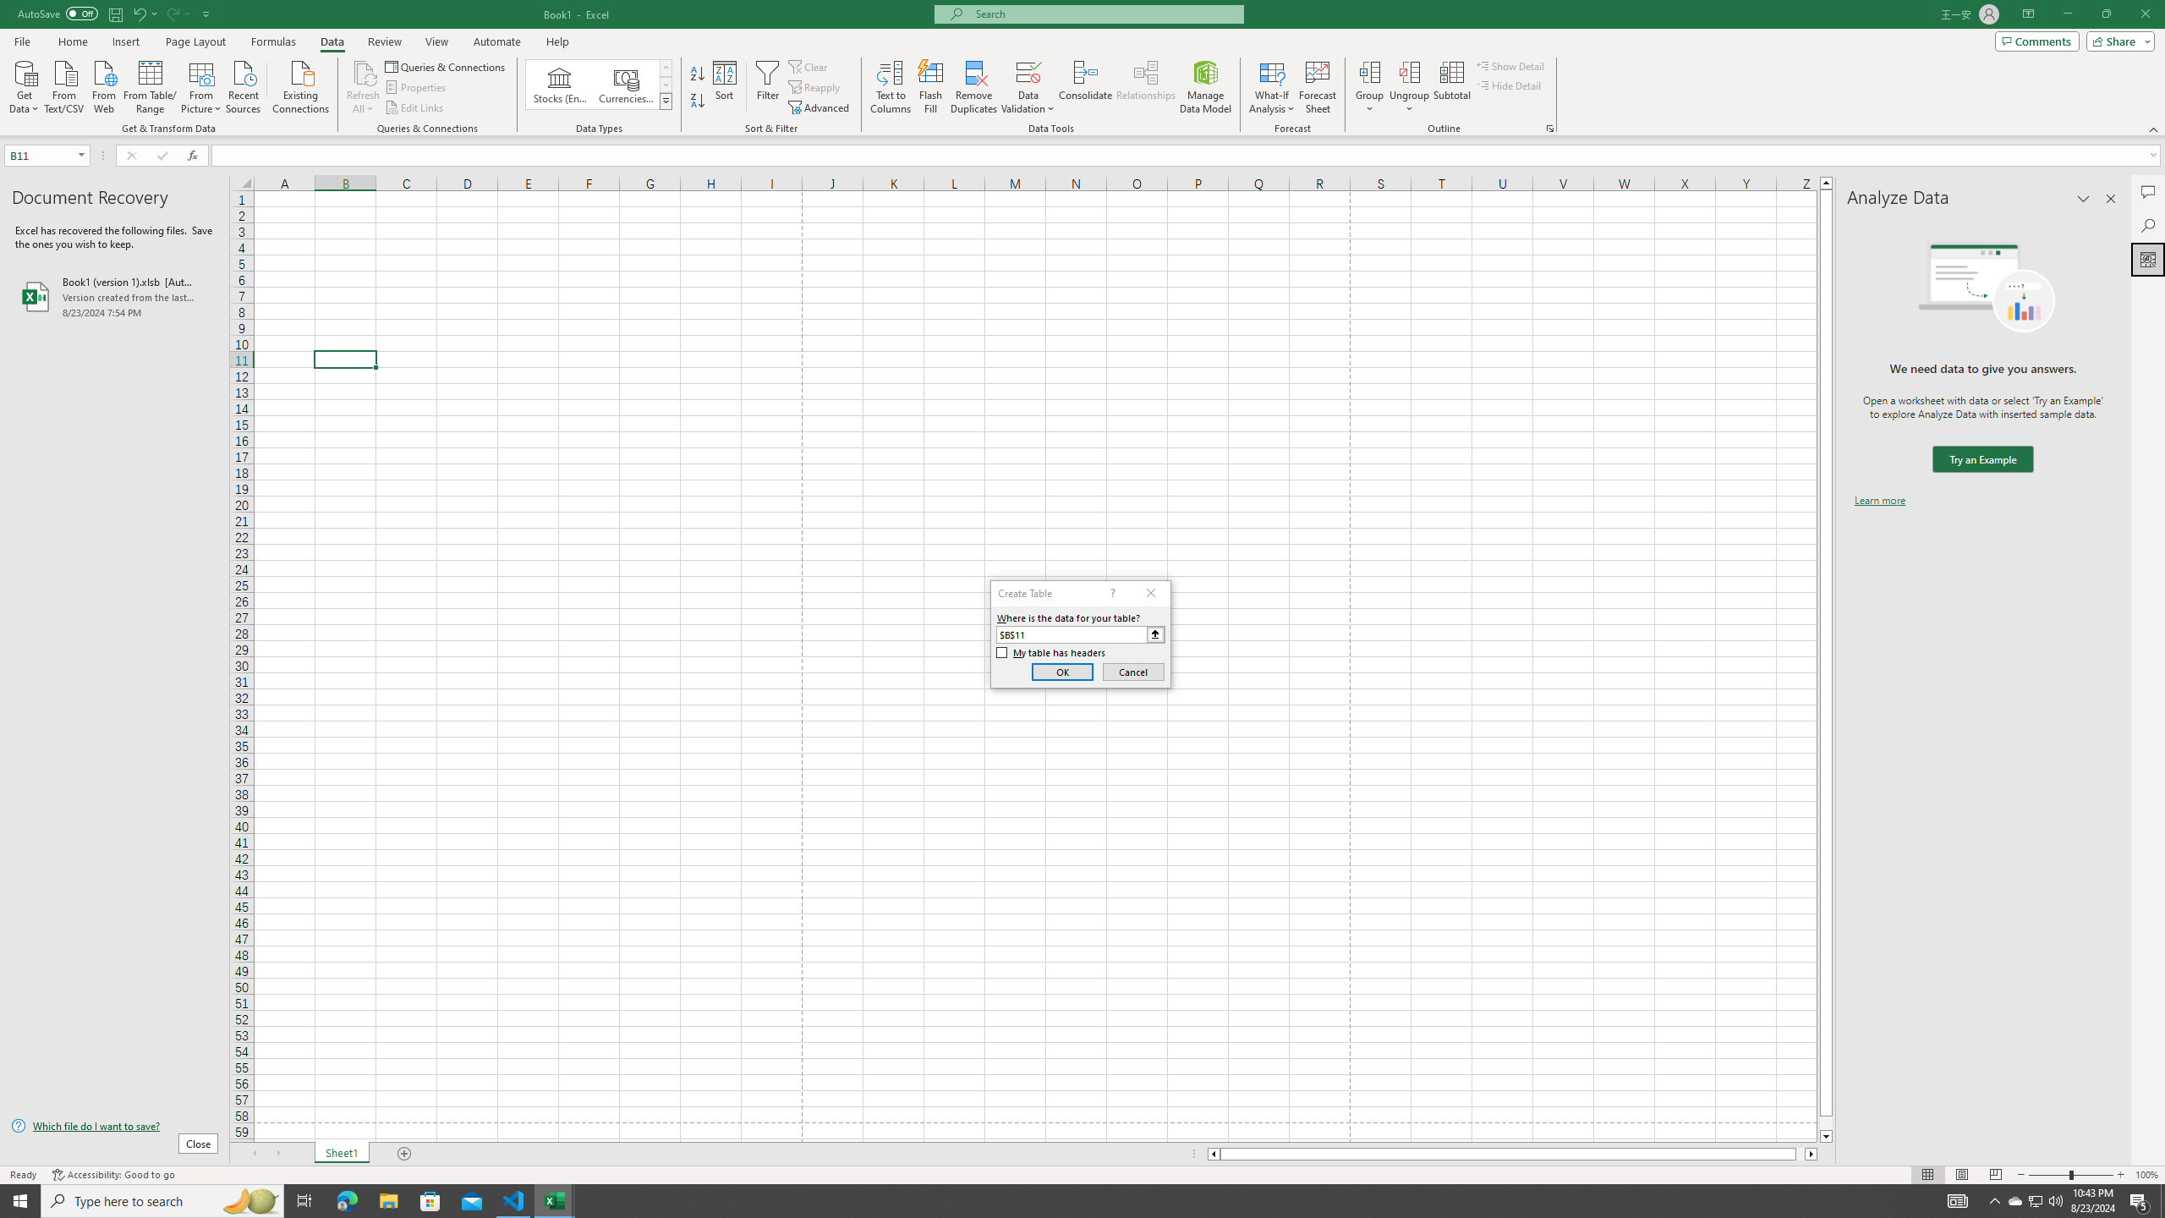 This screenshot has width=2165, height=1218. What do you see at coordinates (1509, 84) in the screenshot?
I see `'Hide Detail'` at bounding box center [1509, 84].